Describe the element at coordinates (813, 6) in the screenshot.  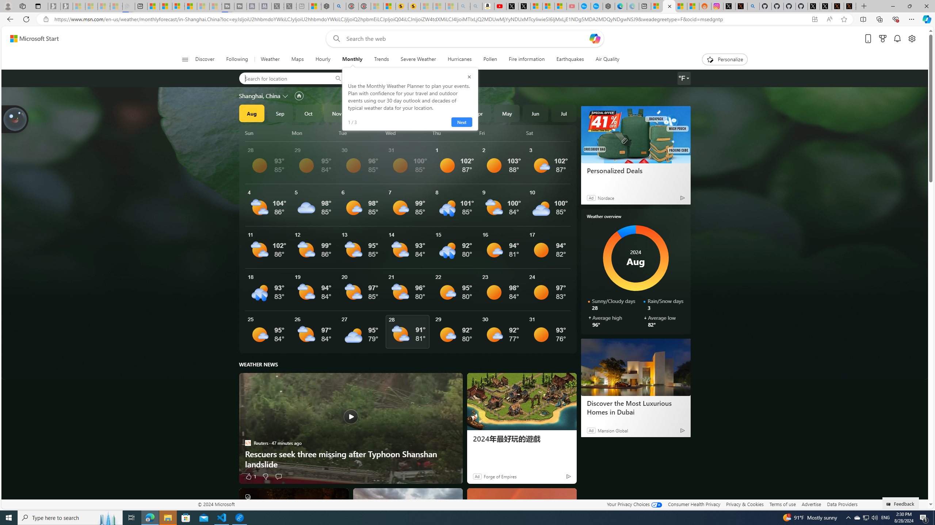
I see `'Profile / X'` at that location.